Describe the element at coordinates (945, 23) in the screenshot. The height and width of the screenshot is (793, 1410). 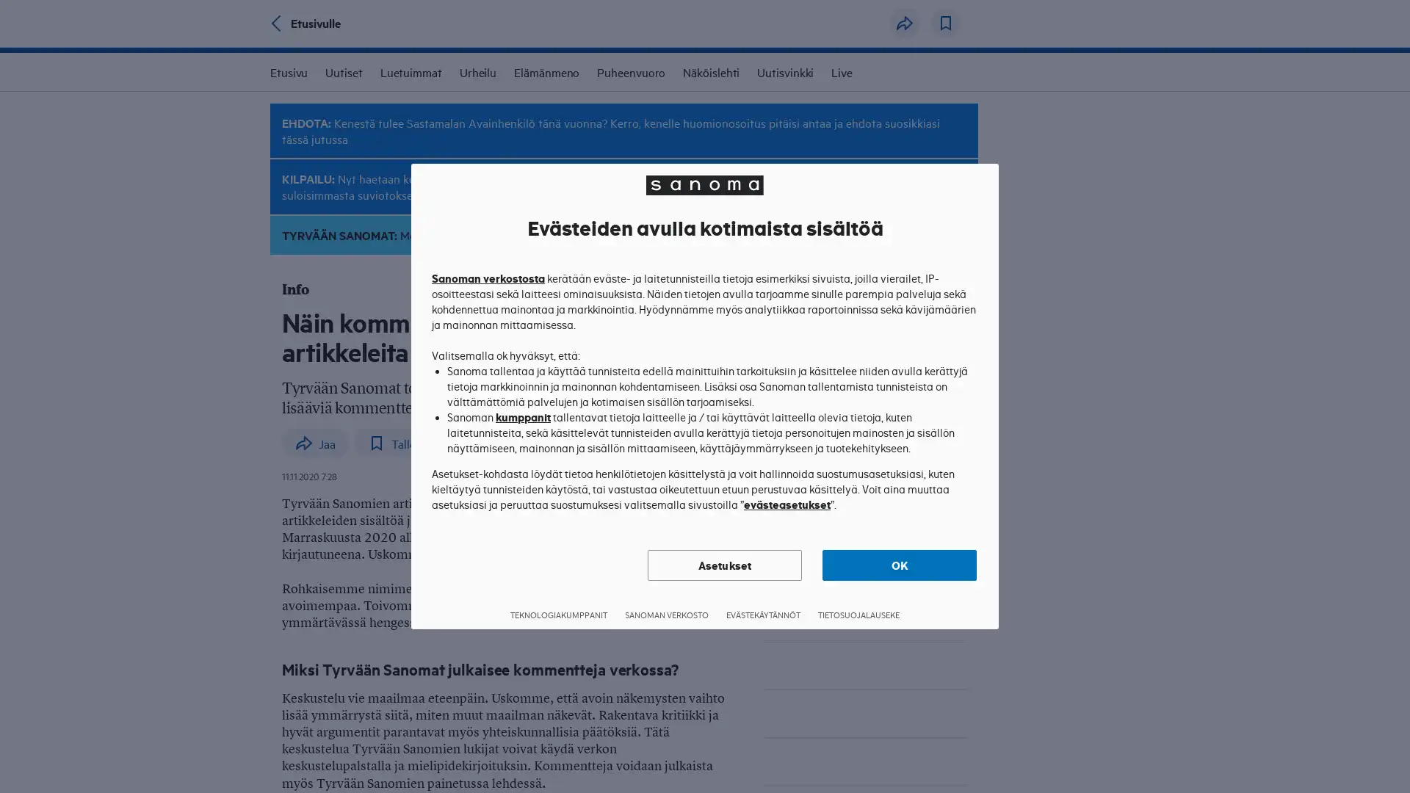
I see `Tallenna` at that location.